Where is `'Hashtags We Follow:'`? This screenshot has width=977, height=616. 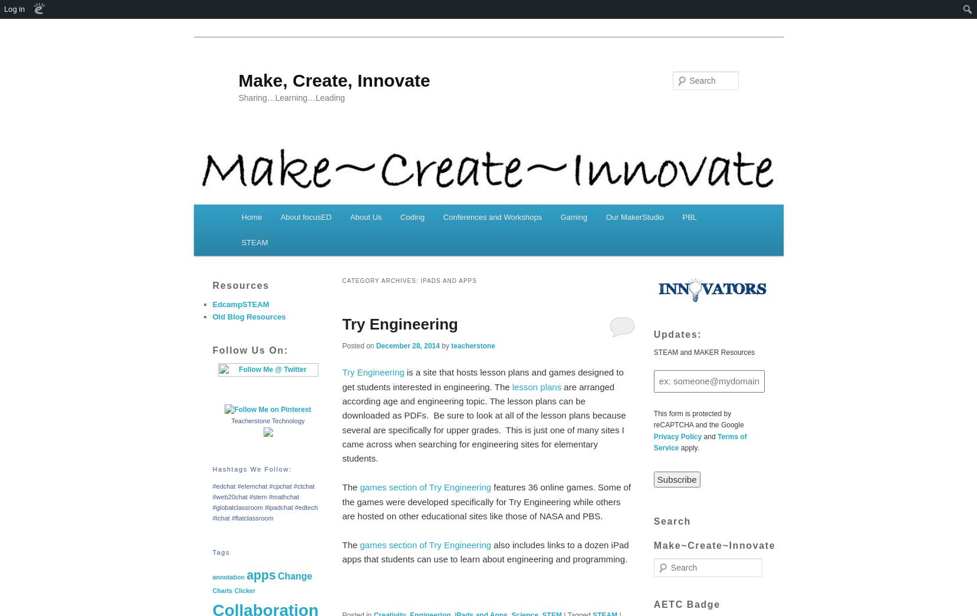
'Hashtags We Follow:' is located at coordinates (251, 469).